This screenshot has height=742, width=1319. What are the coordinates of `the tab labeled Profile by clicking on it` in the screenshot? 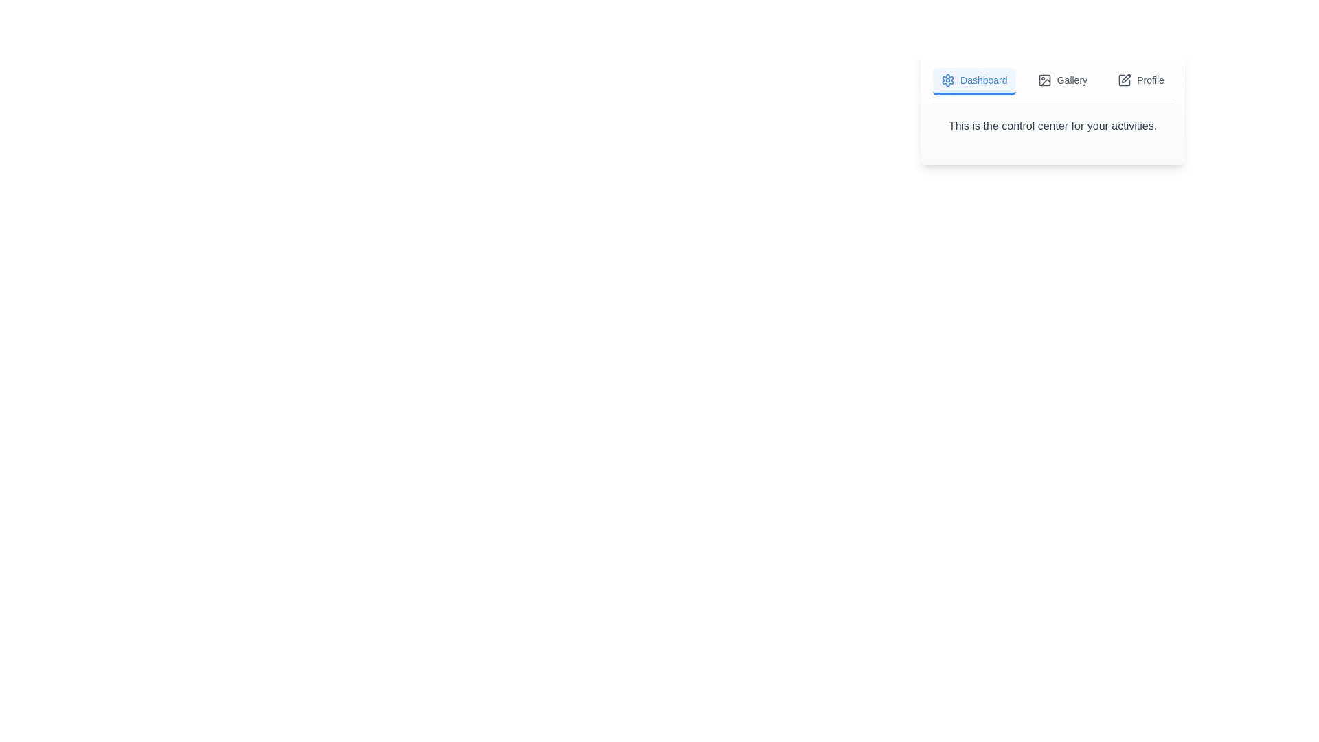 It's located at (1140, 82).